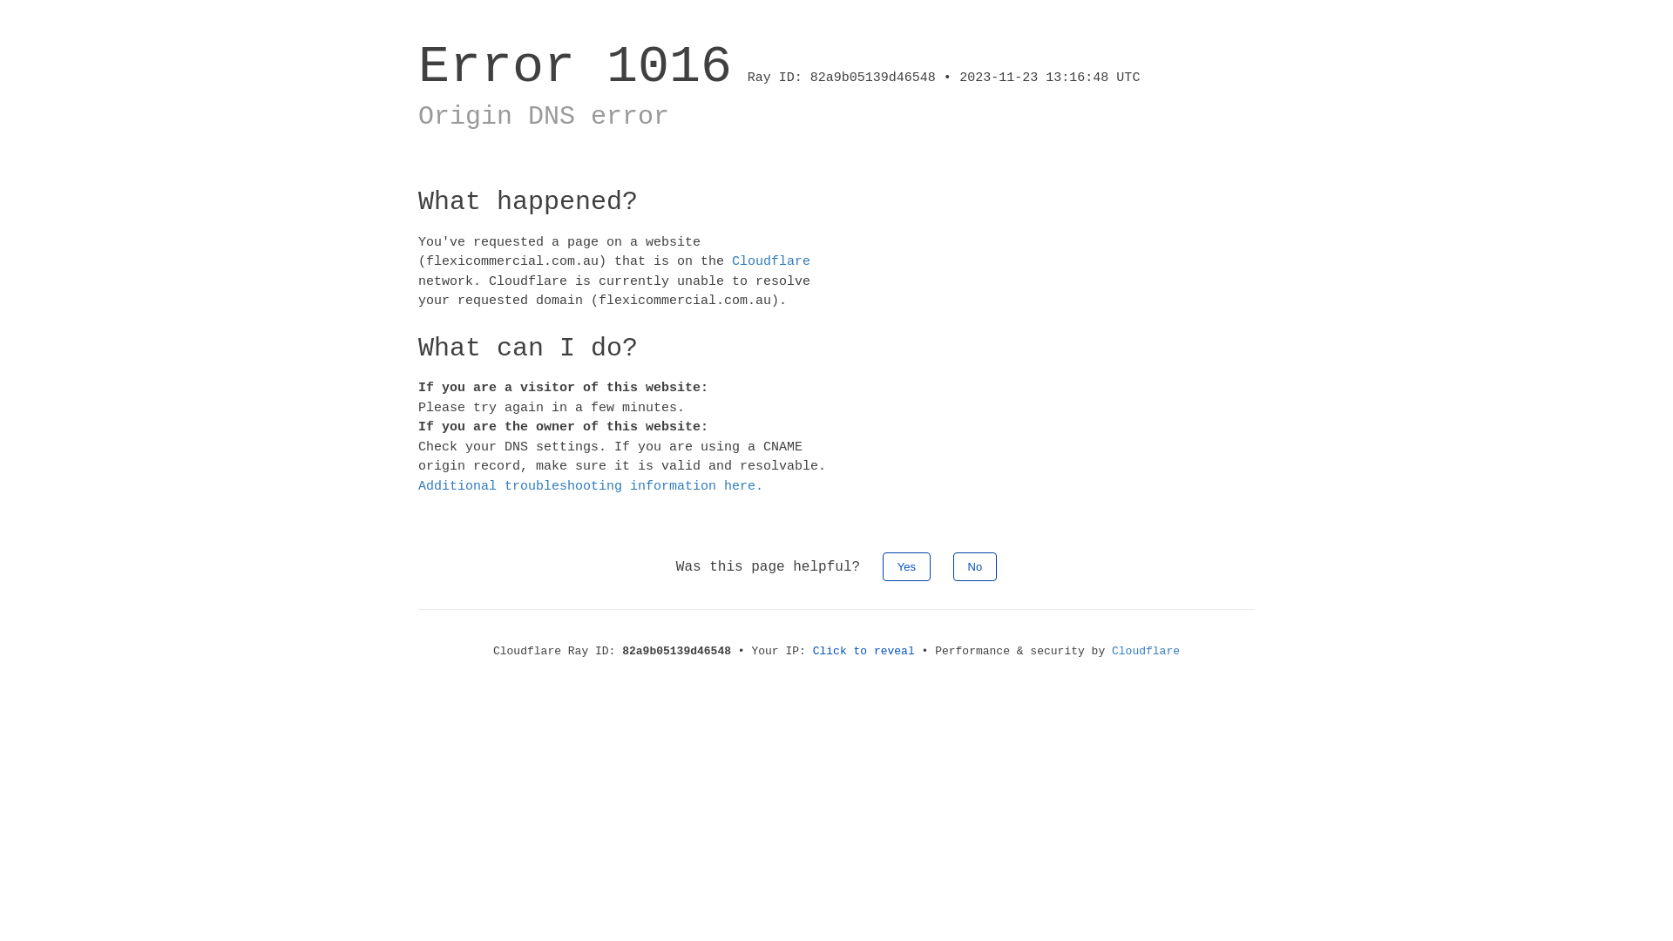 Image resolution: width=1673 pixels, height=941 pixels. What do you see at coordinates (906, 566) in the screenshot?
I see `'Yes'` at bounding box center [906, 566].